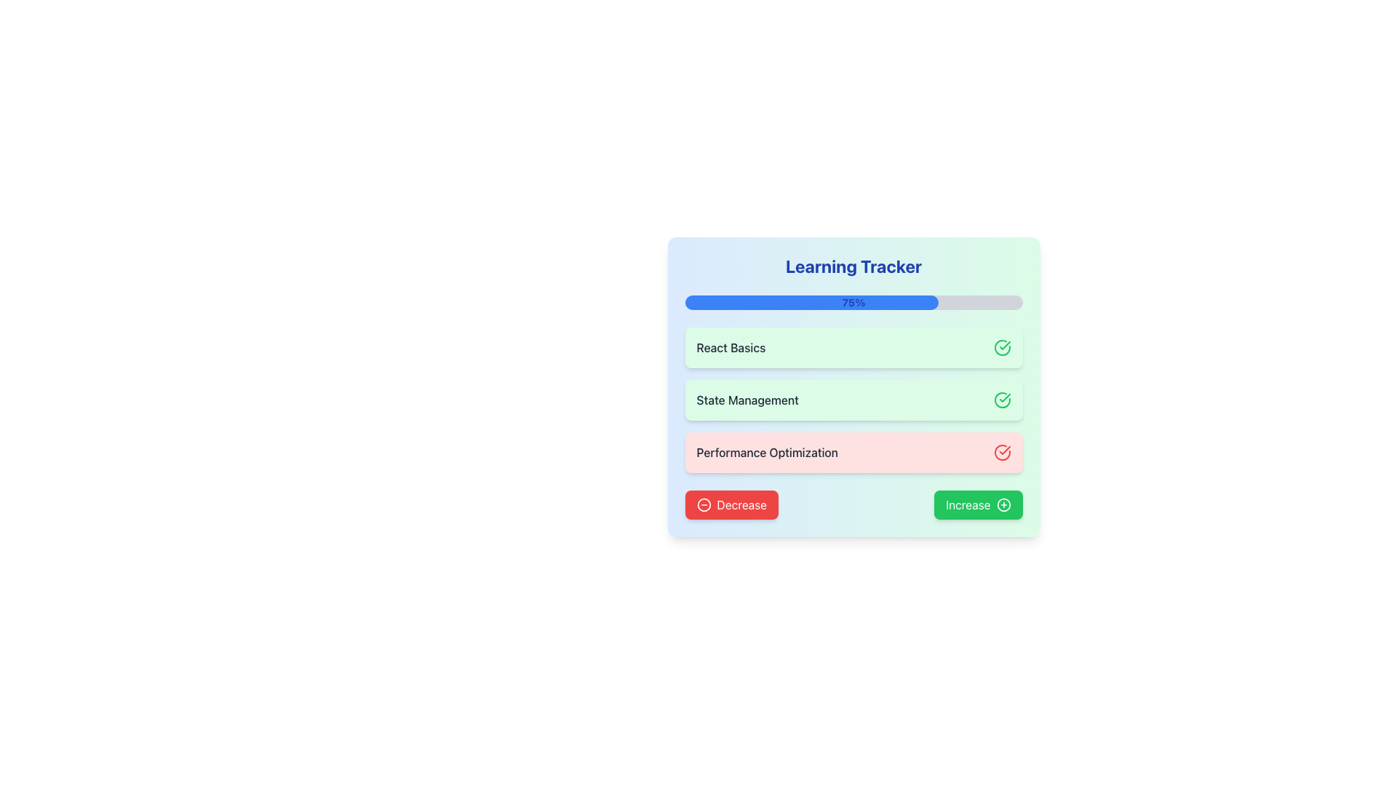 This screenshot has height=786, width=1397. What do you see at coordinates (1001, 348) in the screenshot?
I see `the green checkmark icon located at the far right of the 'React Basics' panel, which indicates task completion` at bounding box center [1001, 348].